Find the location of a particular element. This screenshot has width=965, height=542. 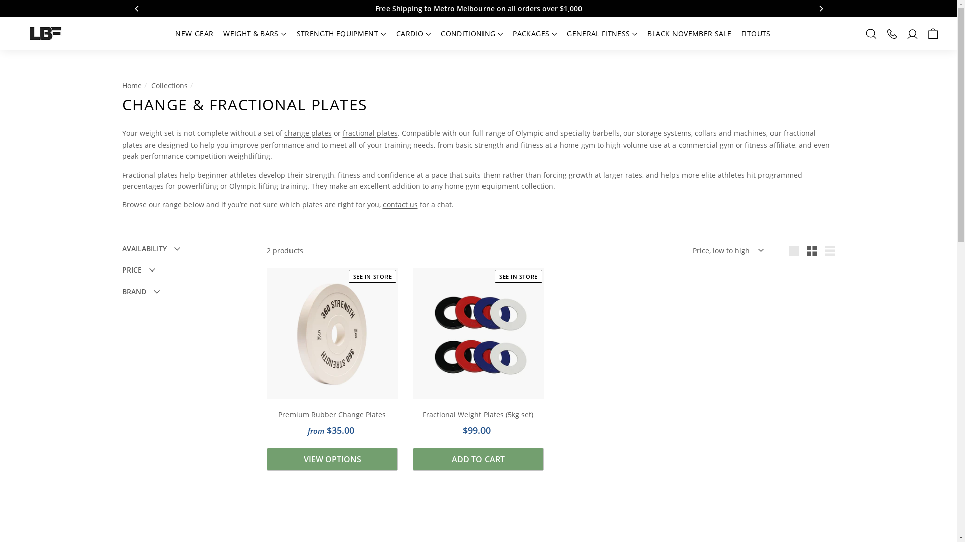

'SEARCH' is located at coordinates (871, 33).